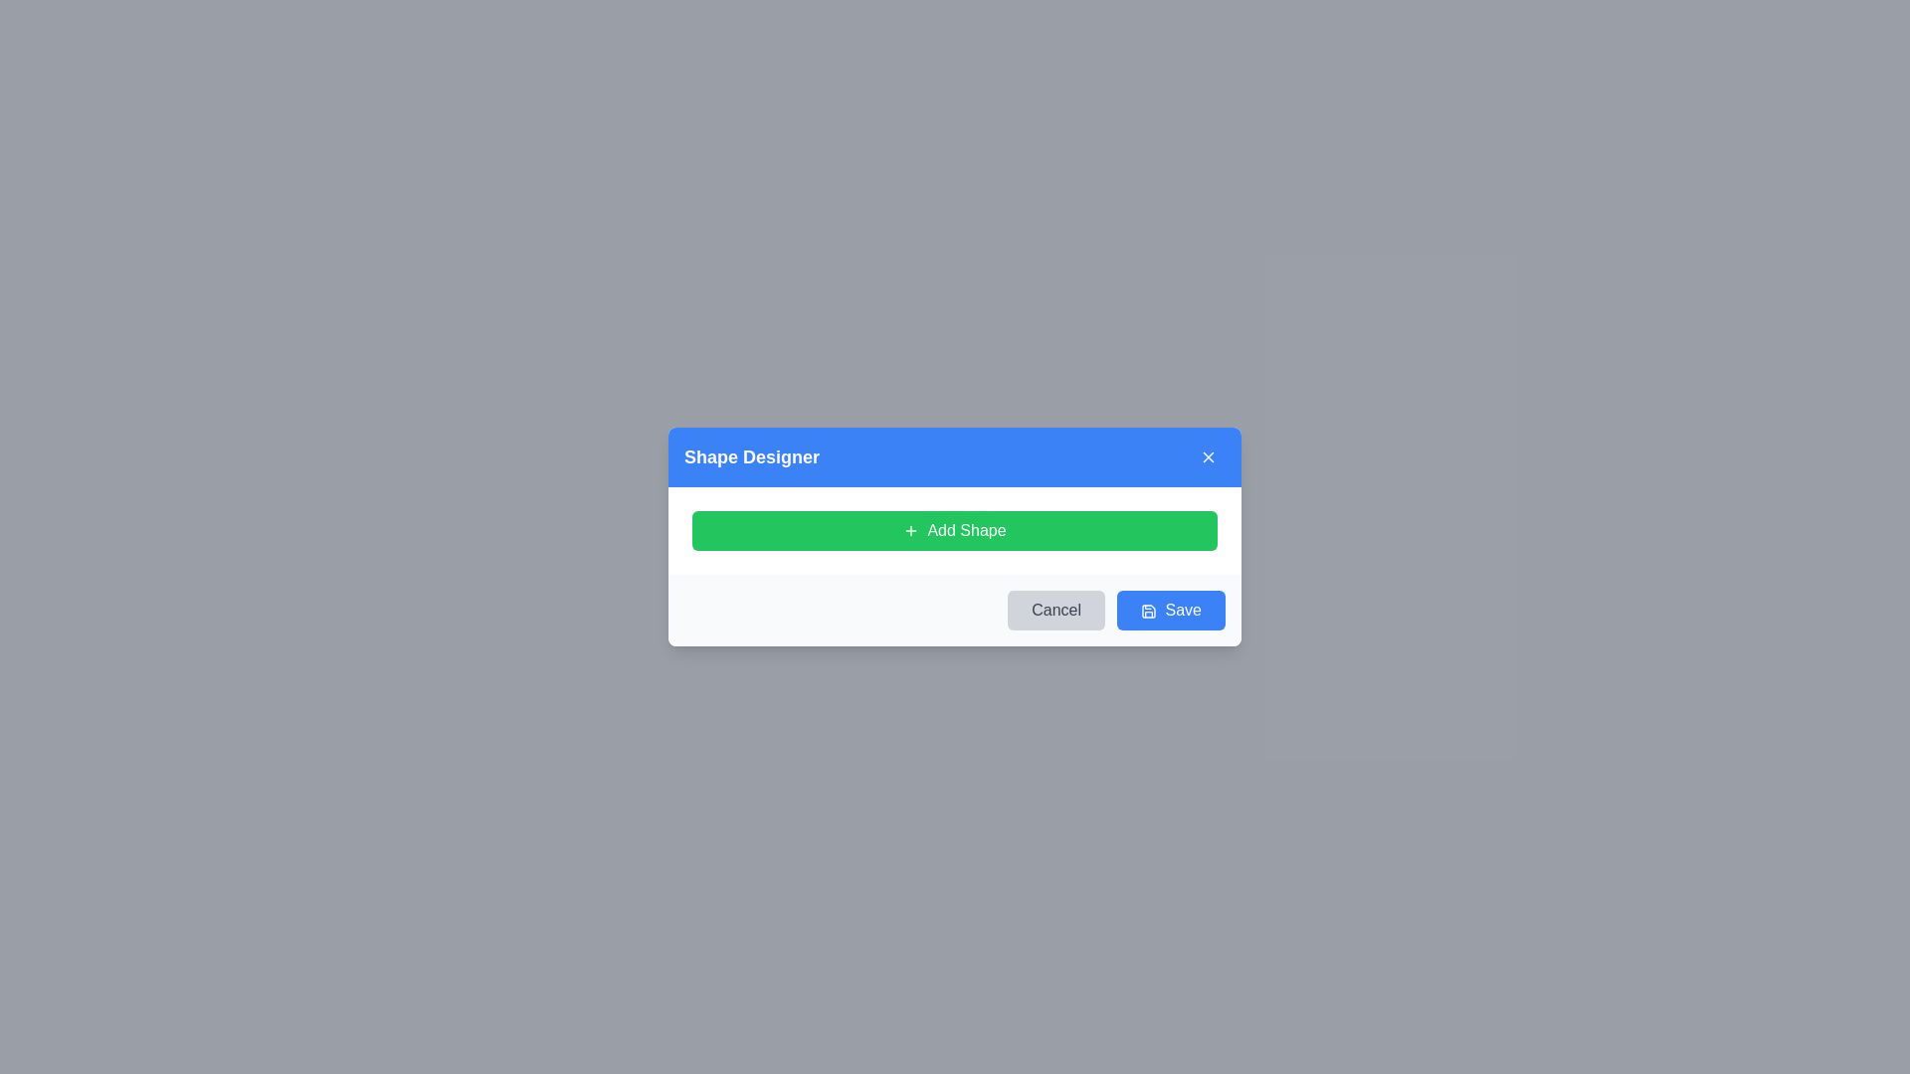 Image resolution: width=1910 pixels, height=1074 pixels. What do you see at coordinates (1207, 456) in the screenshot?
I see `the diagonal cross icon located in the top right corner of the 'Shape Designer' dialog box` at bounding box center [1207, 456].